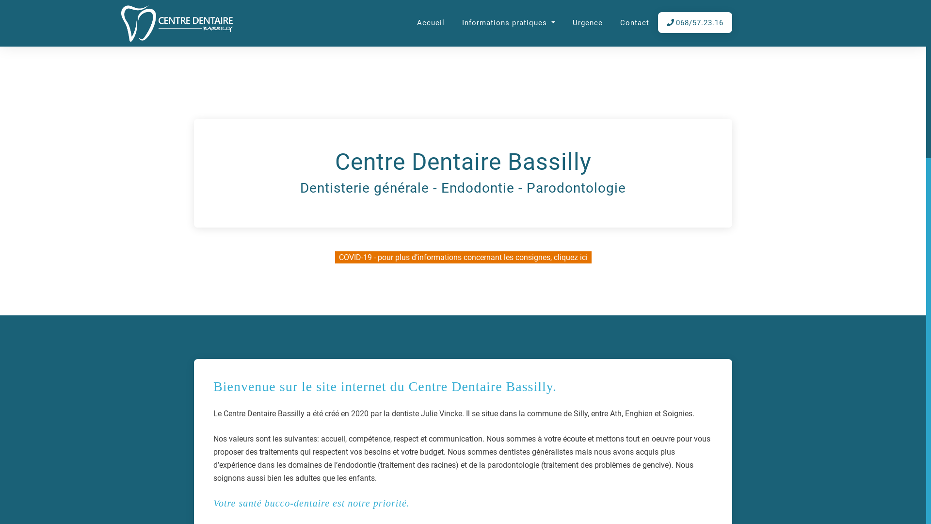 The width and height of the screenshot is (931, 524). What do you see at coordinates (568, 23) in the screenshot?
I see `'Urgence'` at bounding box center [568, 23].